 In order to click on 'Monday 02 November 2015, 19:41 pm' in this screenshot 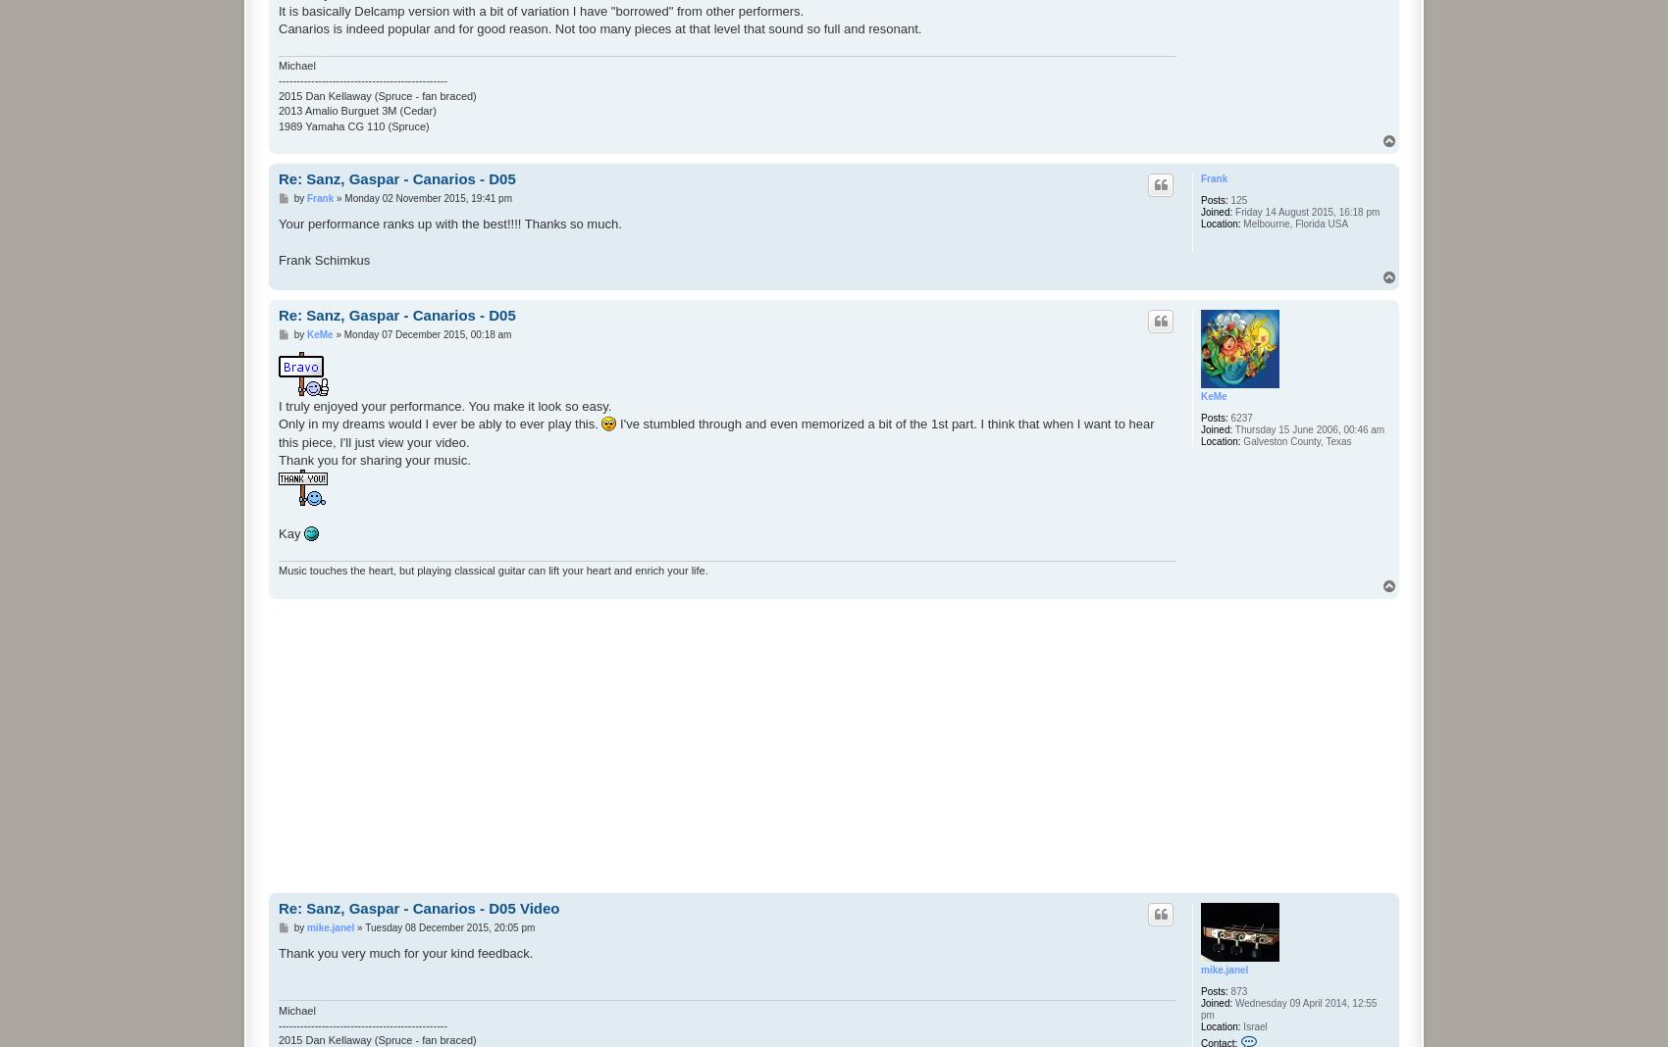, I will do `click(343, 198)`.